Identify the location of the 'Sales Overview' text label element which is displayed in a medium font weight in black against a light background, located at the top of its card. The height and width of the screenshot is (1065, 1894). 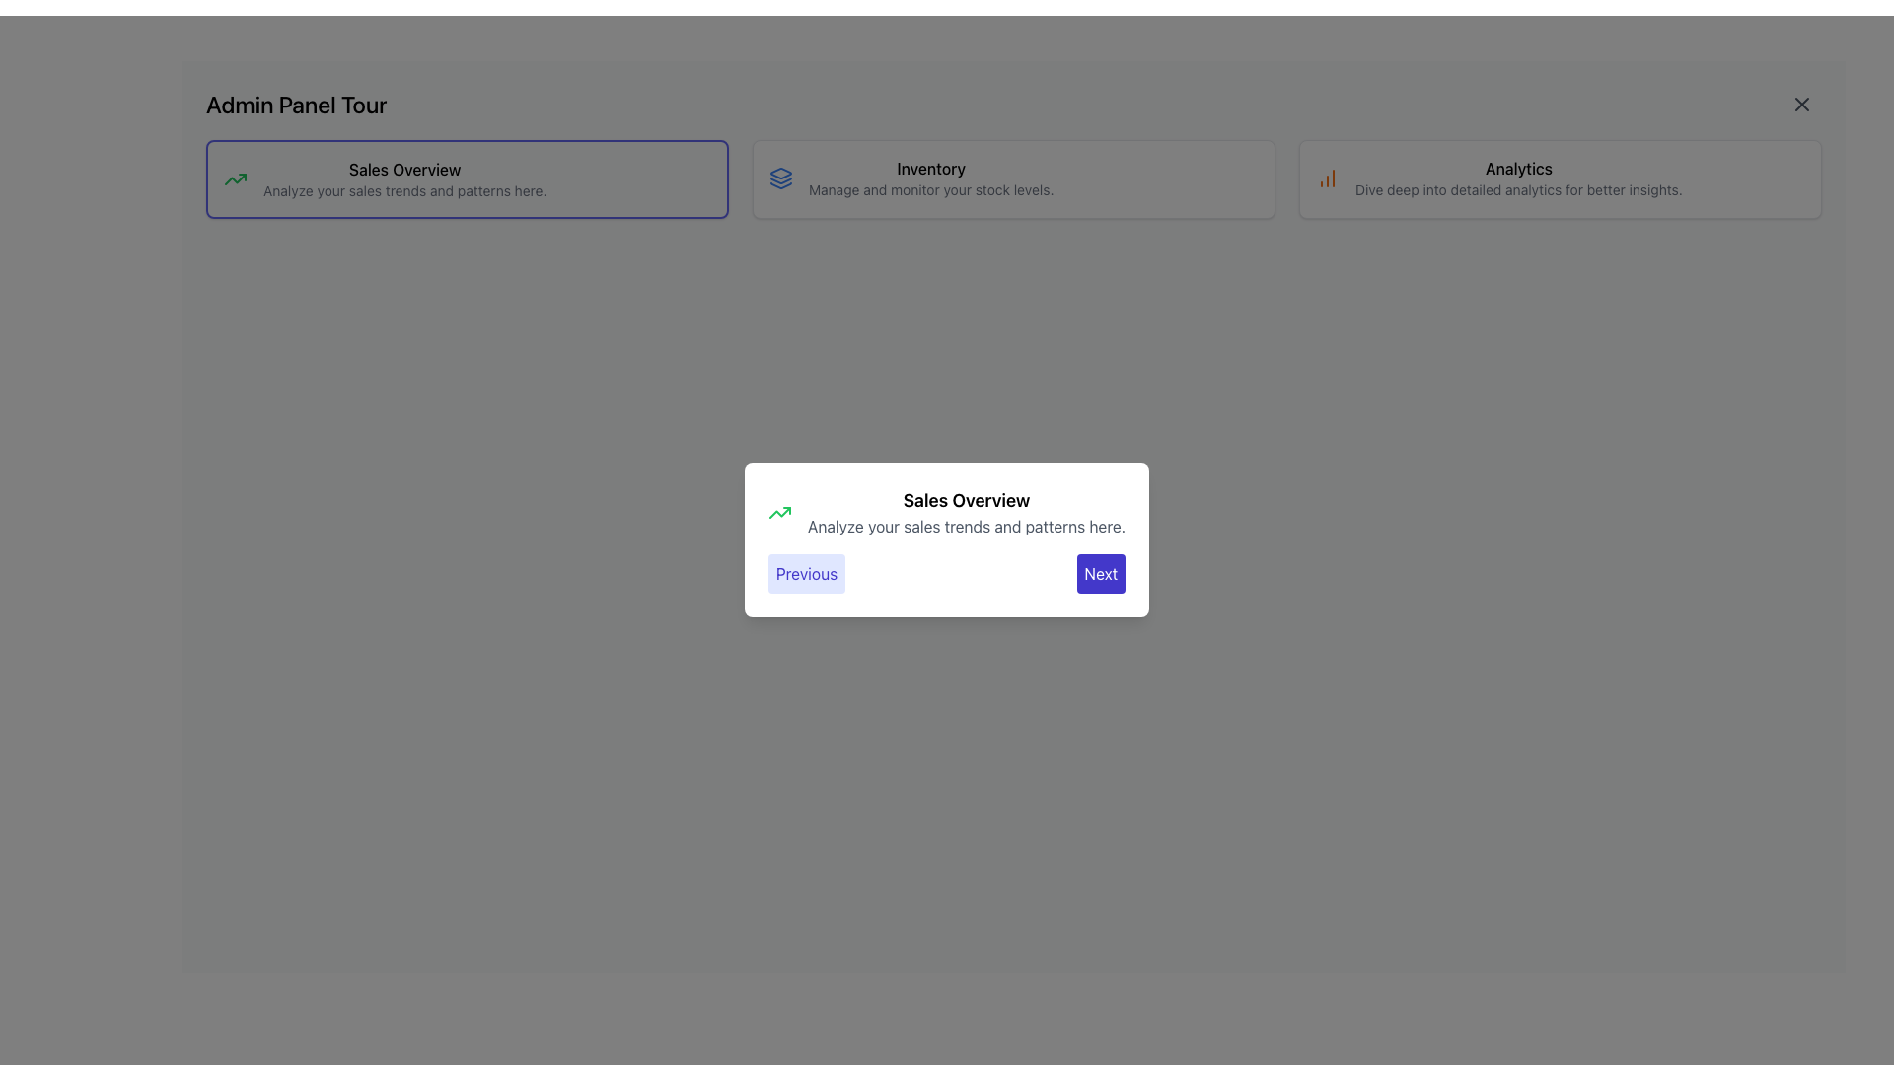
(403, 169).